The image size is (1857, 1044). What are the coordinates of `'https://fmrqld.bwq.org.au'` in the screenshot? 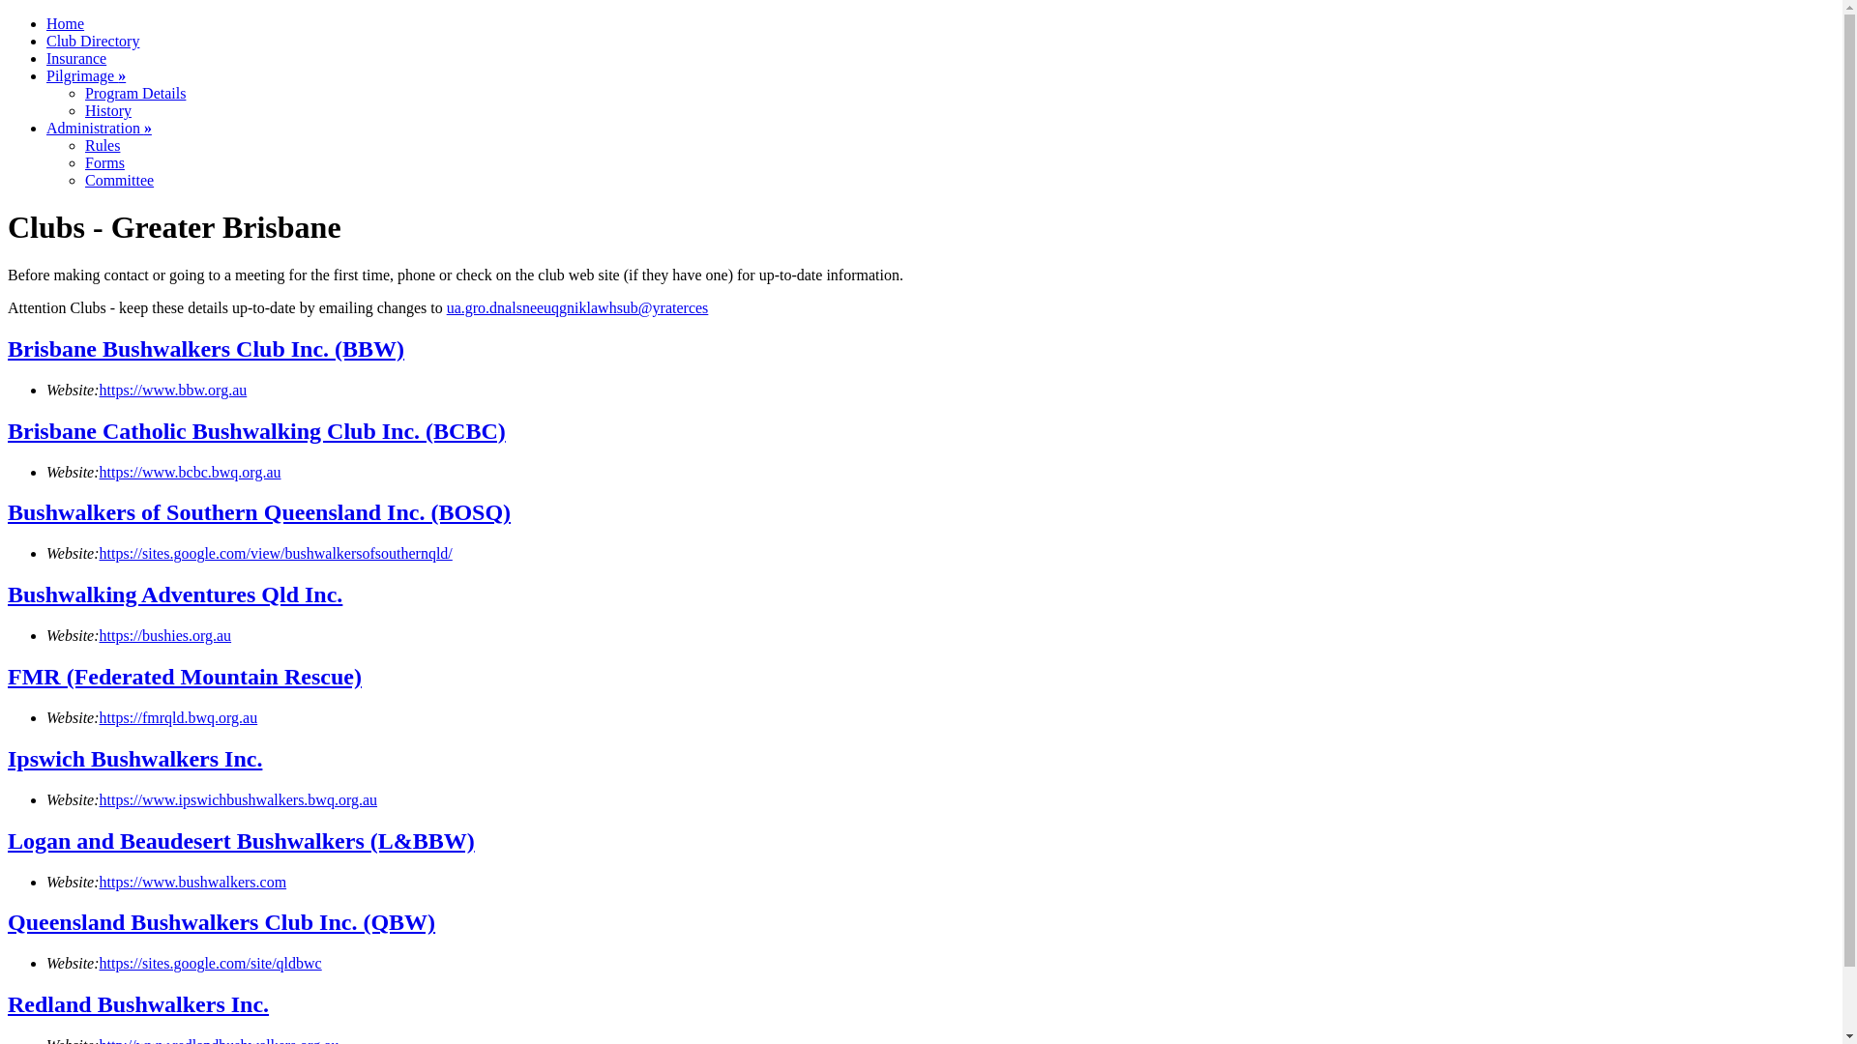 It's located at (98, 717).